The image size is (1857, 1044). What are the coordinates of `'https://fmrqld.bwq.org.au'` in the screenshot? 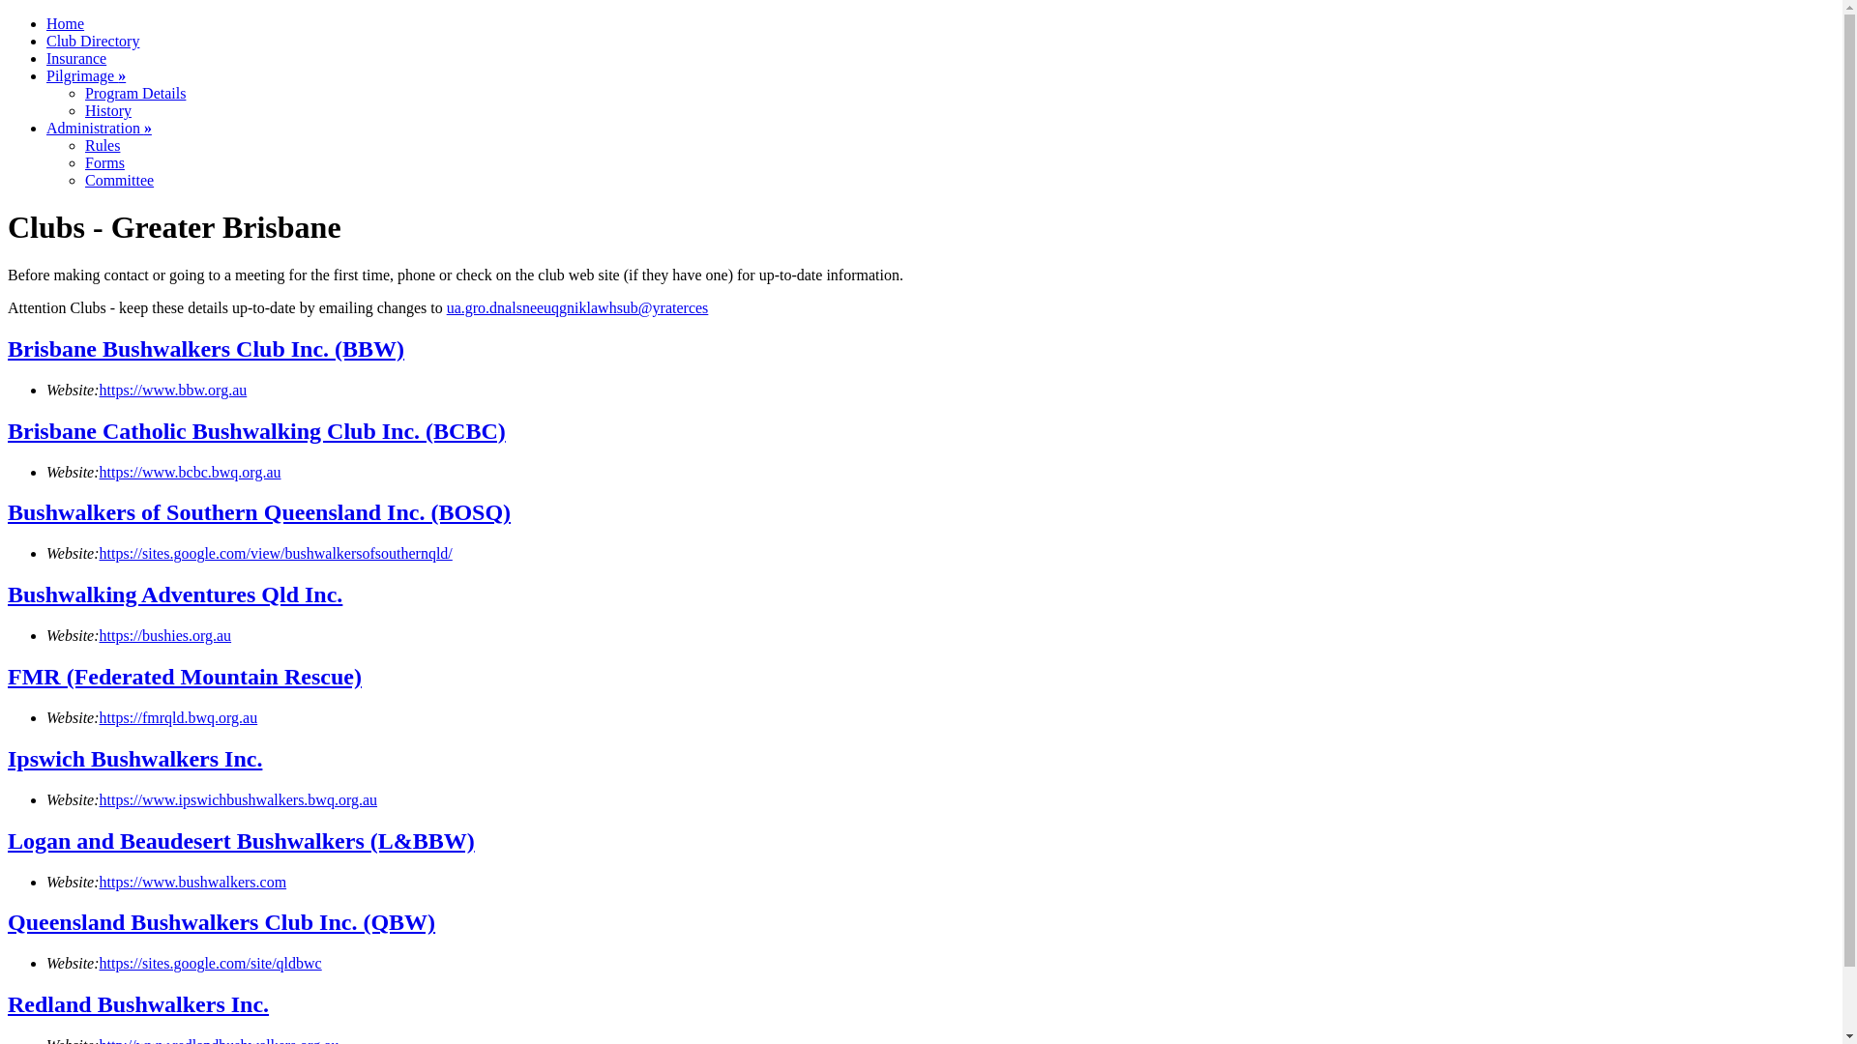 It's located at (98, 717).